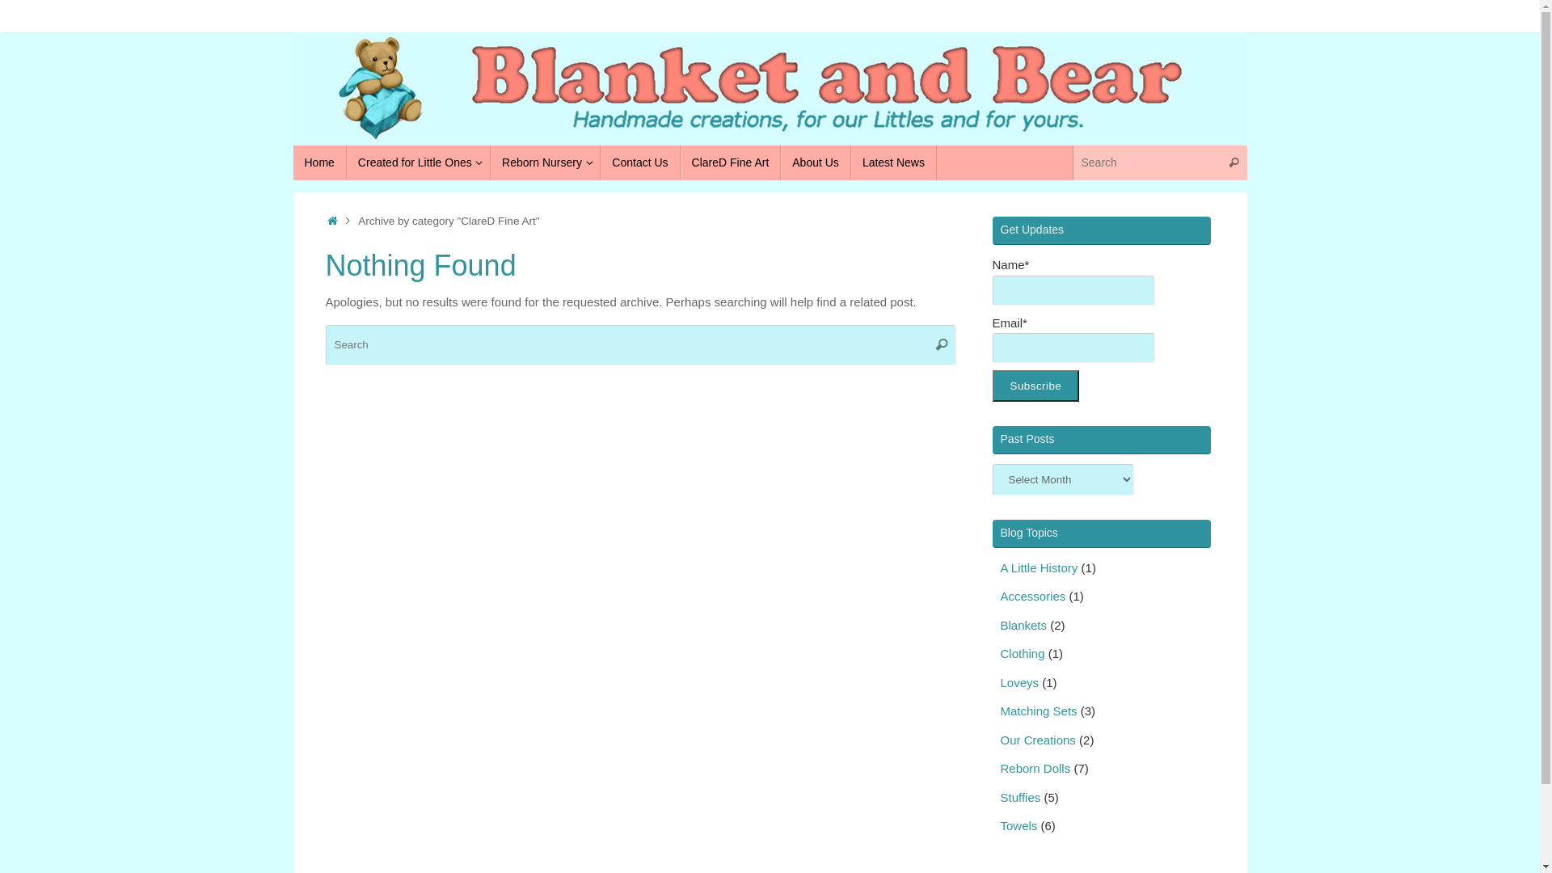 The height and width of the screenshot is (873, 1552). Describe the element at coordinates (1039, 710) in the screenshot. I see `'Matching Sets'` at that location.